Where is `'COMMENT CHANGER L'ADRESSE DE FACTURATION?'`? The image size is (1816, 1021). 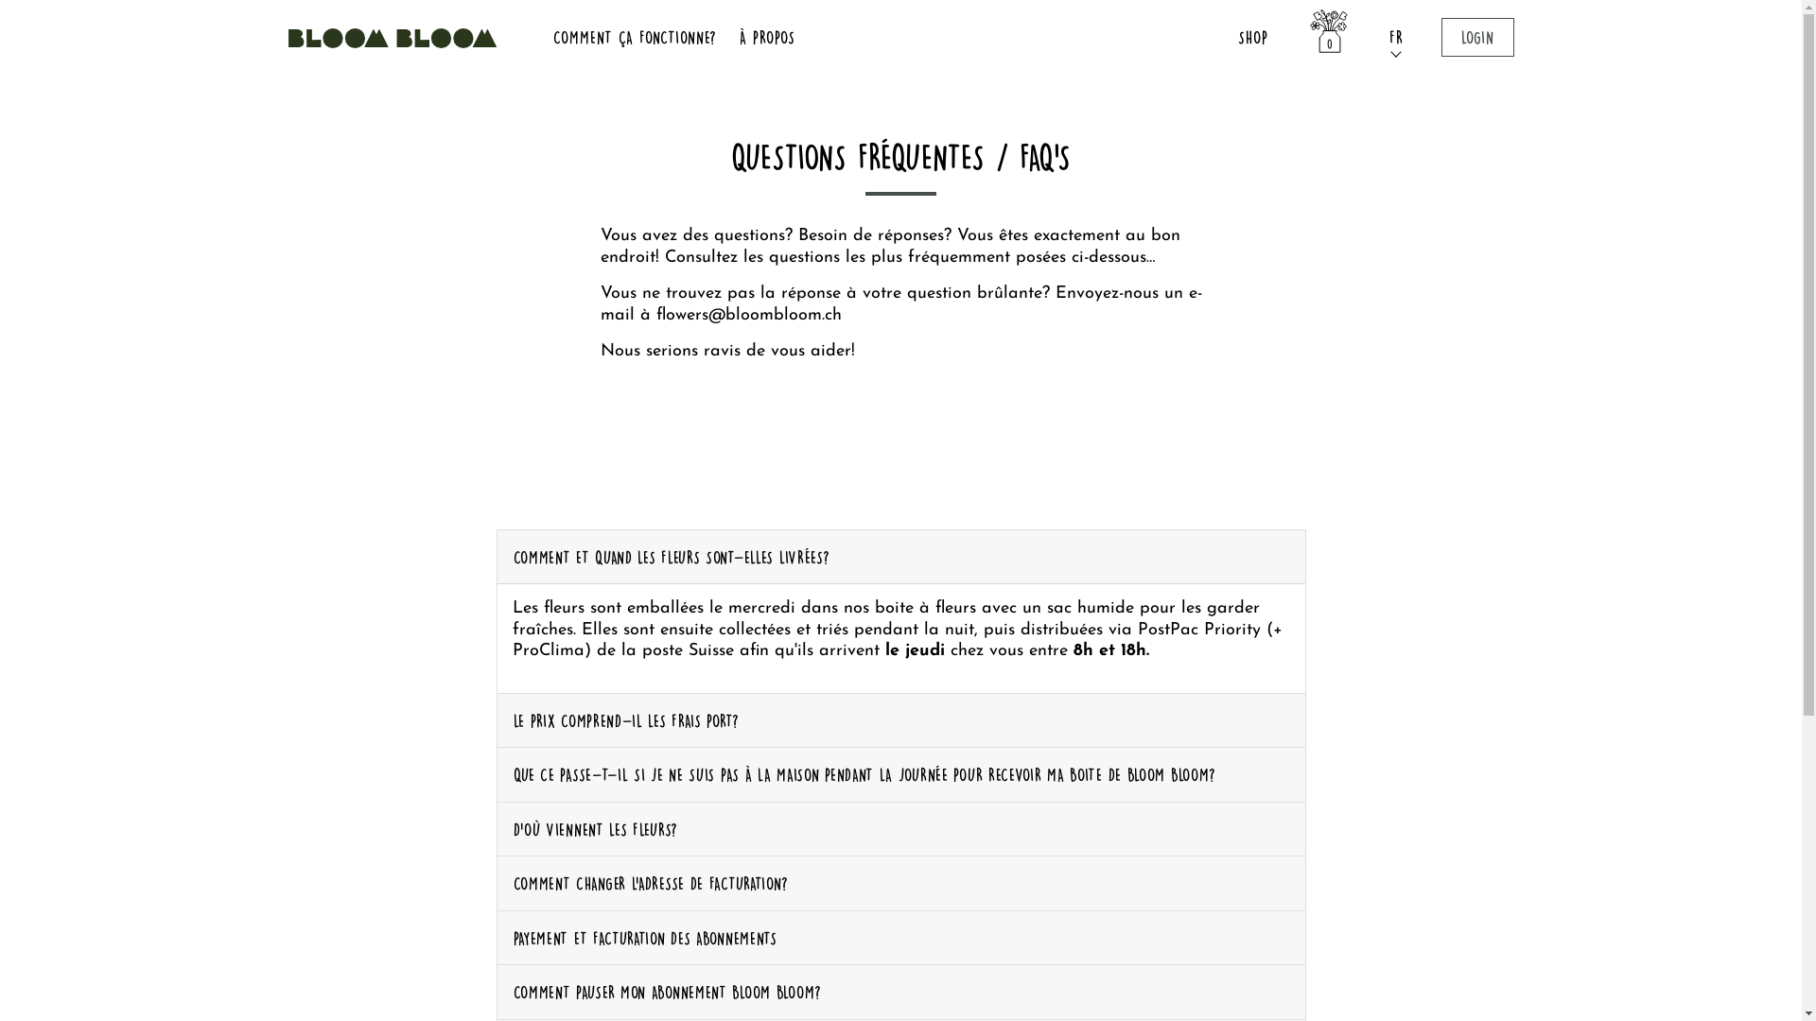 'COMMENT CHANGER L'ADRESSE DE FACTURATION?' is located at coordinates (900, 883).